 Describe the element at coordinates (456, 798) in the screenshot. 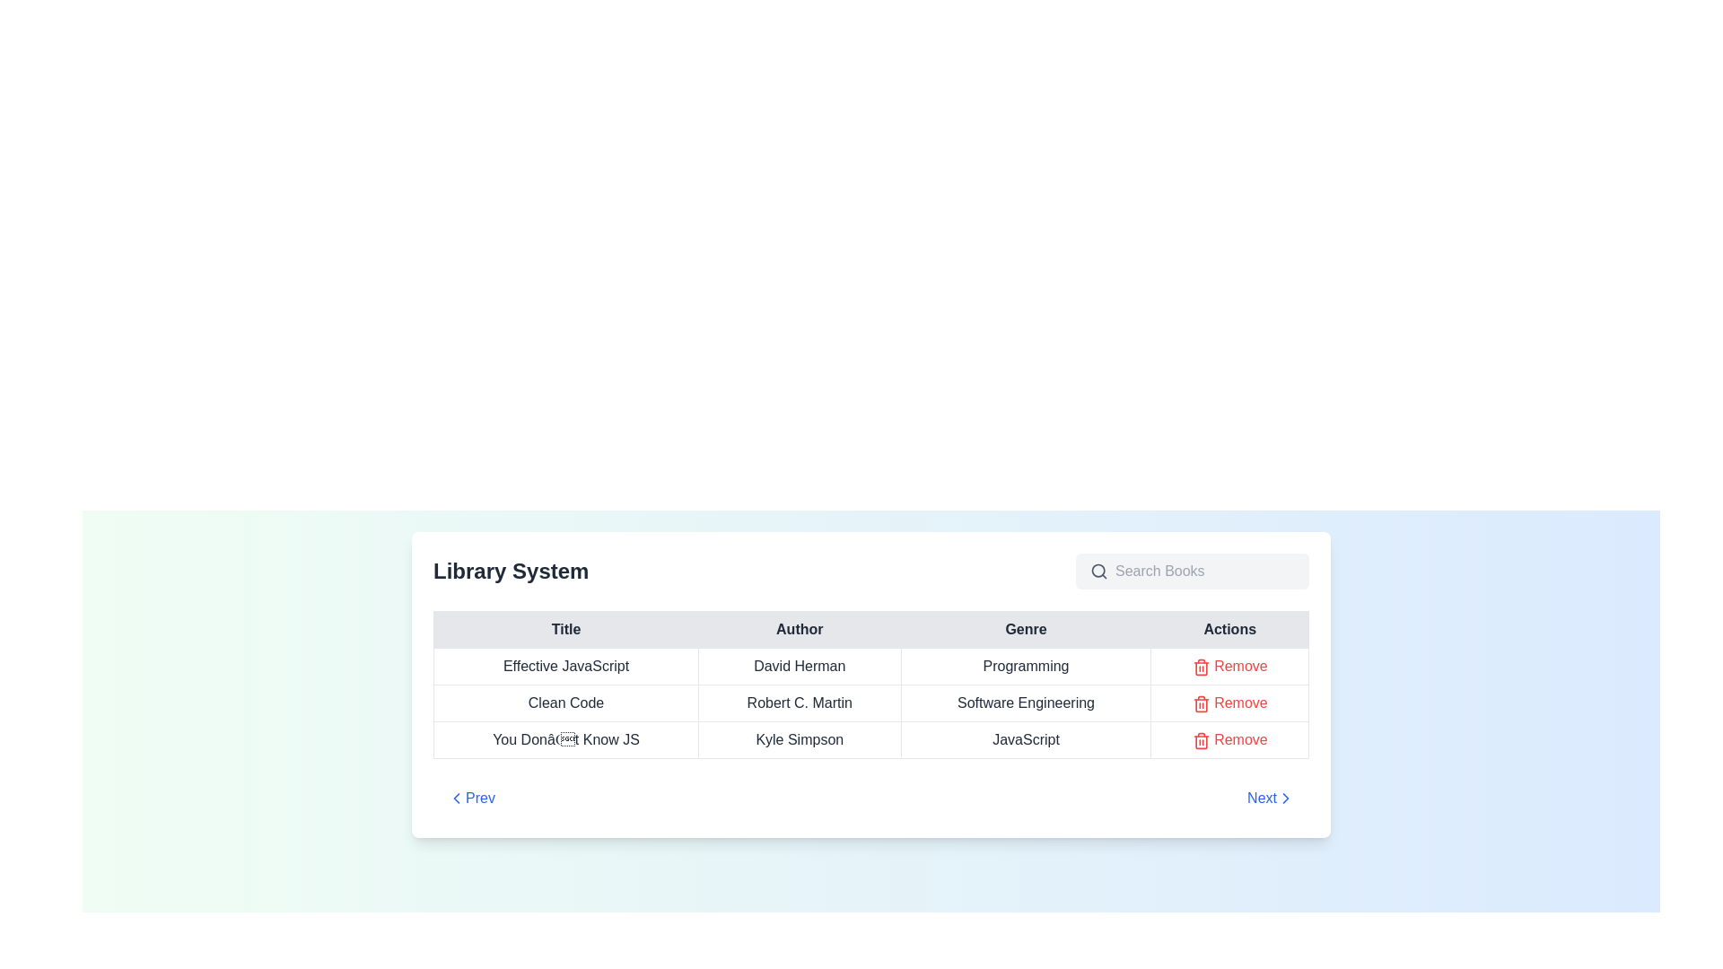

I see `the left-pointing arrow icon next to the text 'Prev'` at that location.